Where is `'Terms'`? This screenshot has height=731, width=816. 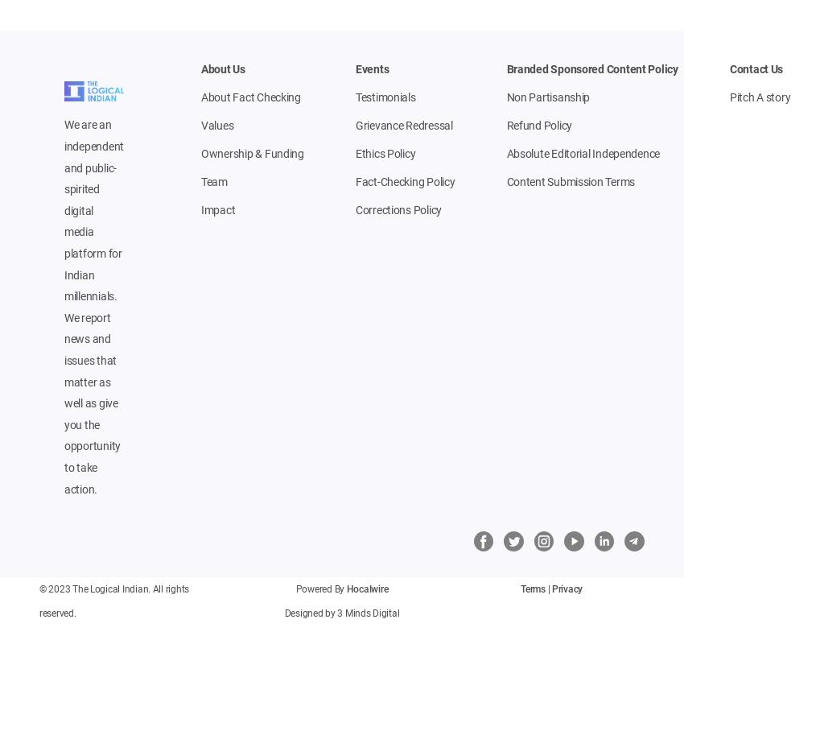
'Terms' is located at coordinates (521, 589).